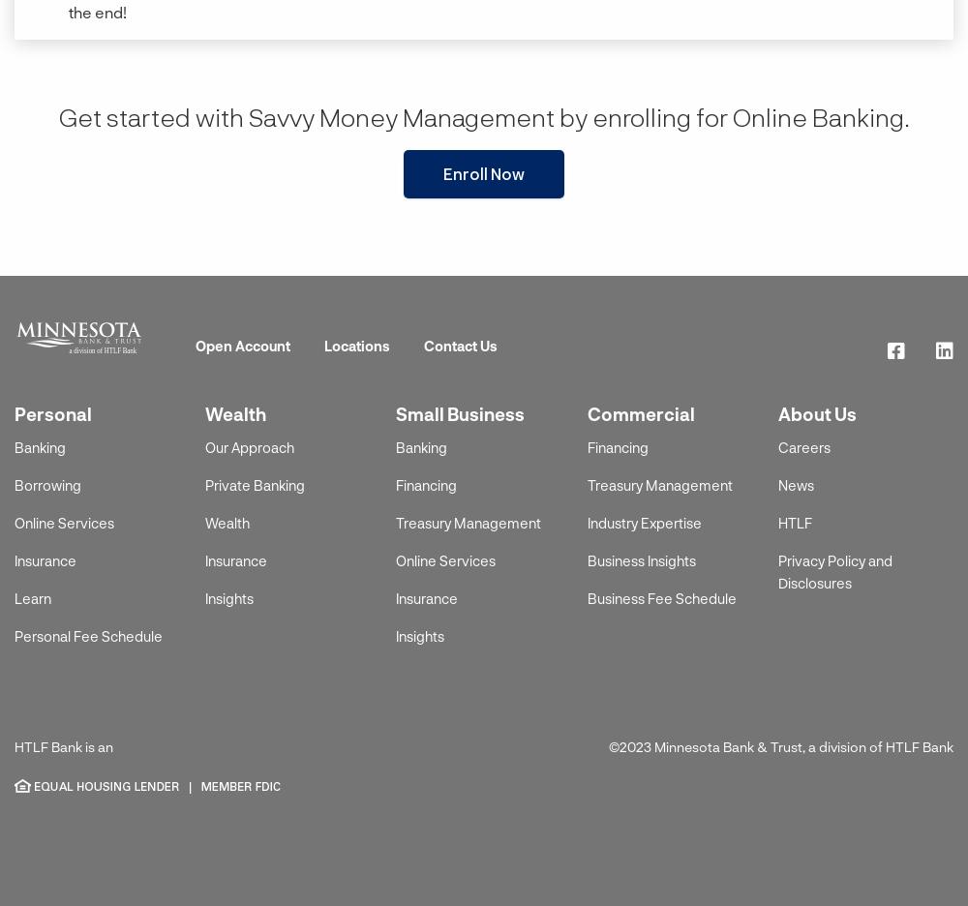  What do you see at coordinates (802, 446) in the screenshot?
I see `'Careers'` at bounding box center [802, 446].